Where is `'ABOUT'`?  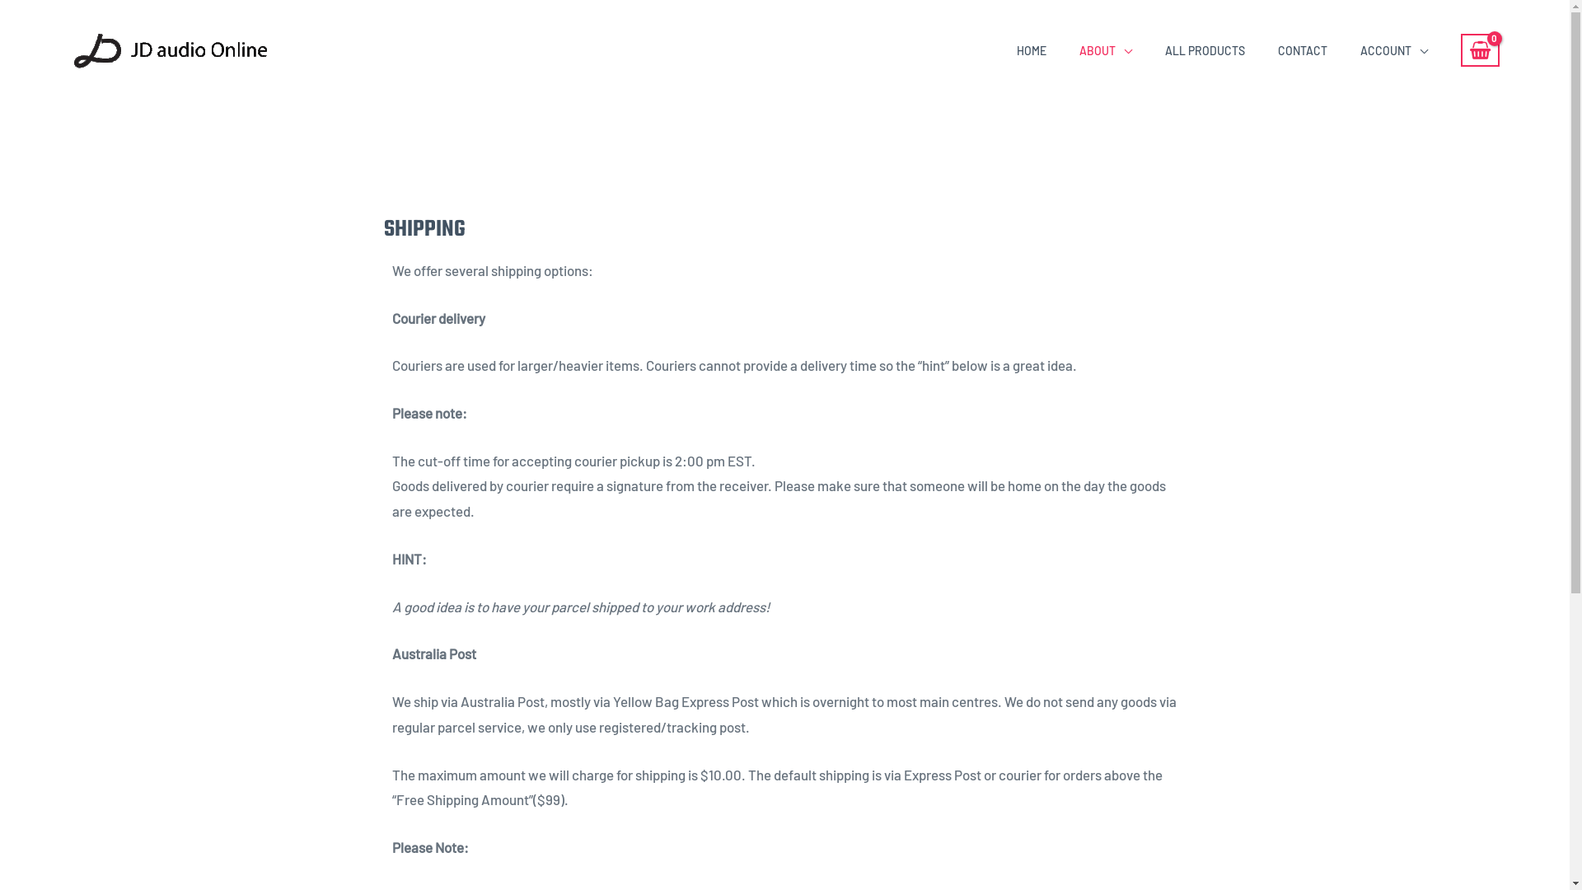
'ABOUT' is located at coordinates (1106, 49).